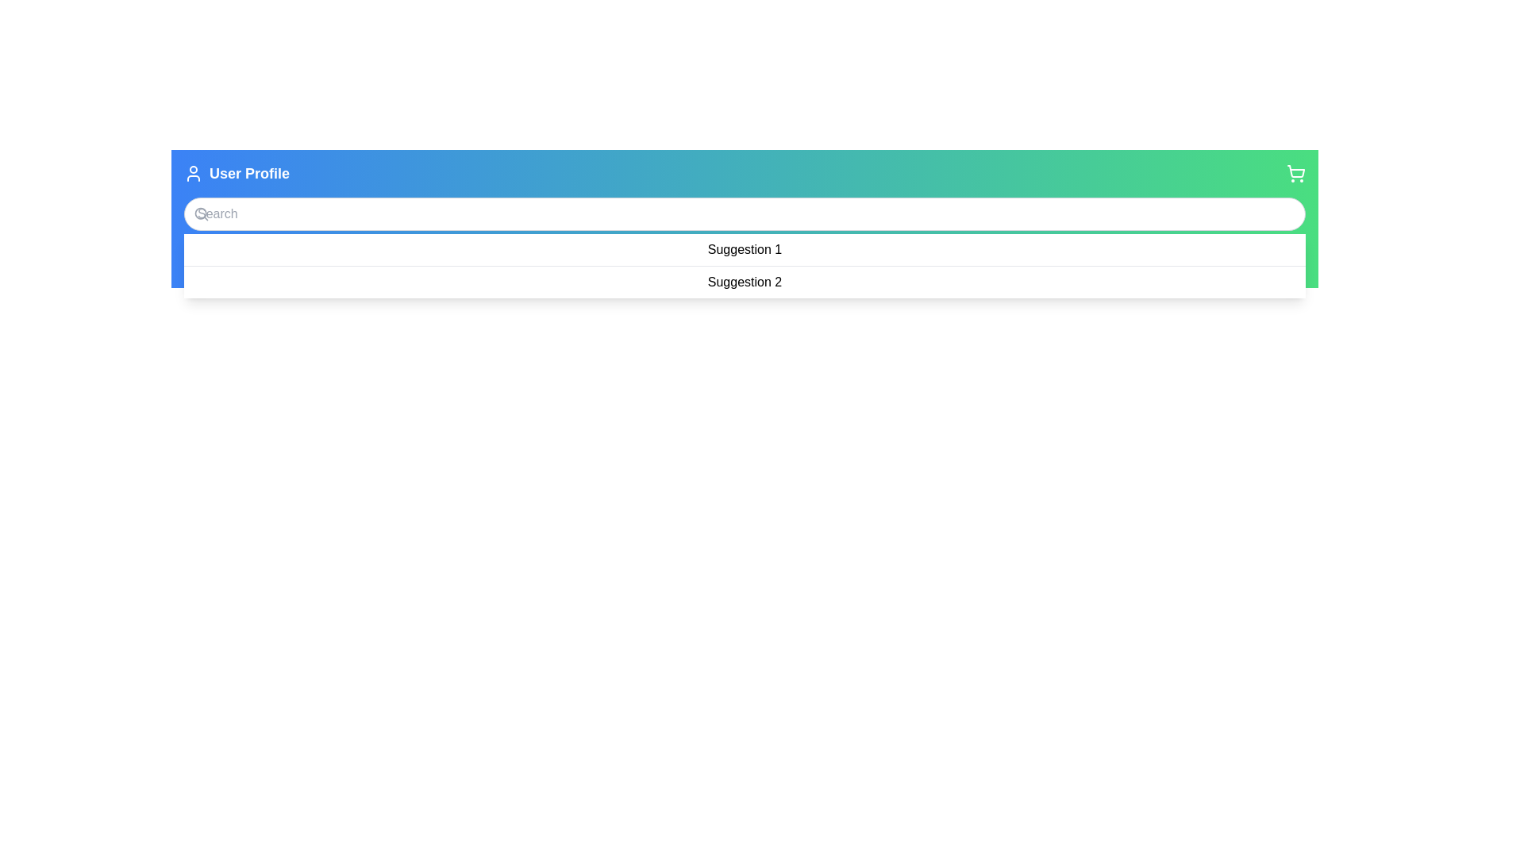 The image size is (1524, 857). What do you see at coordinates (236, 174) in the screenshot?
I see `the user profile representation label located on the left side of the topmost navigation bar` at bounding box center [236, 174].